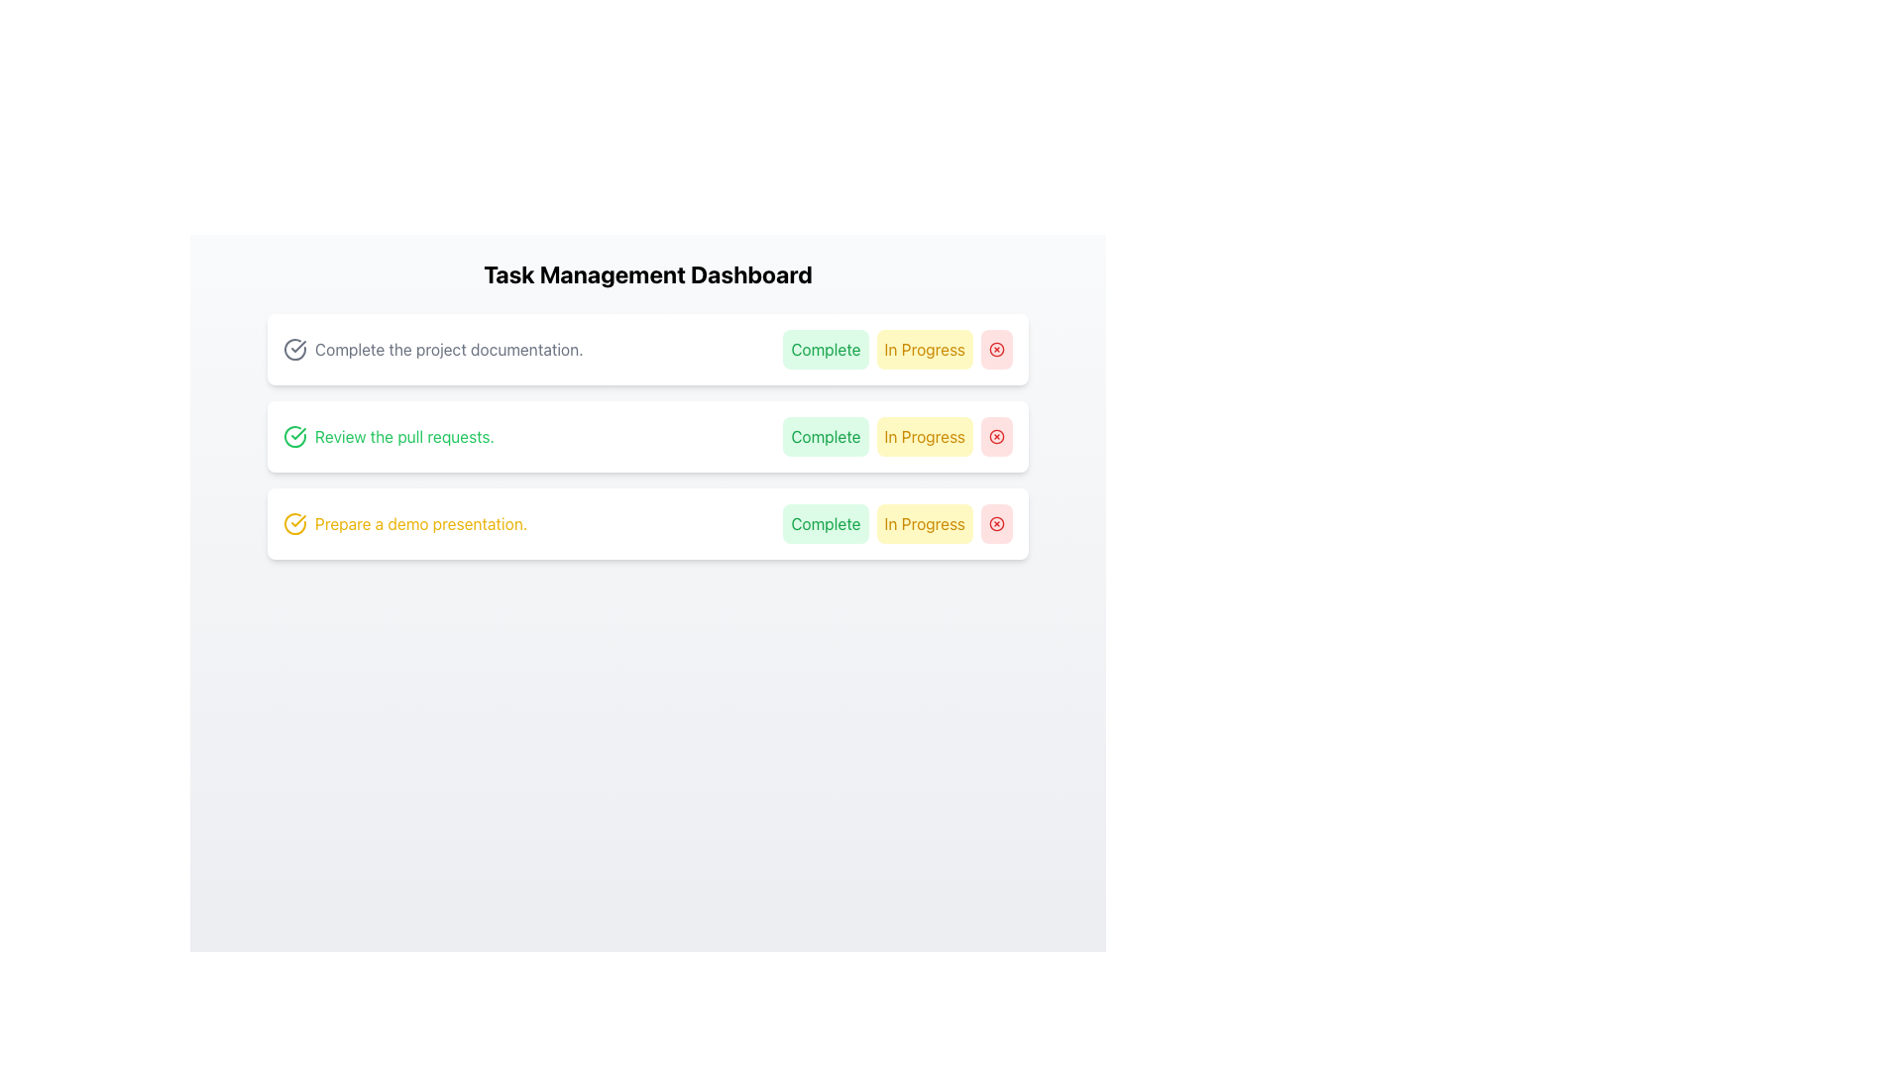  Describe the element at coordinates (404, 522) in the screenshot. I see `the yellow text label that states 'Prepare a demo presentation.'` at that location.